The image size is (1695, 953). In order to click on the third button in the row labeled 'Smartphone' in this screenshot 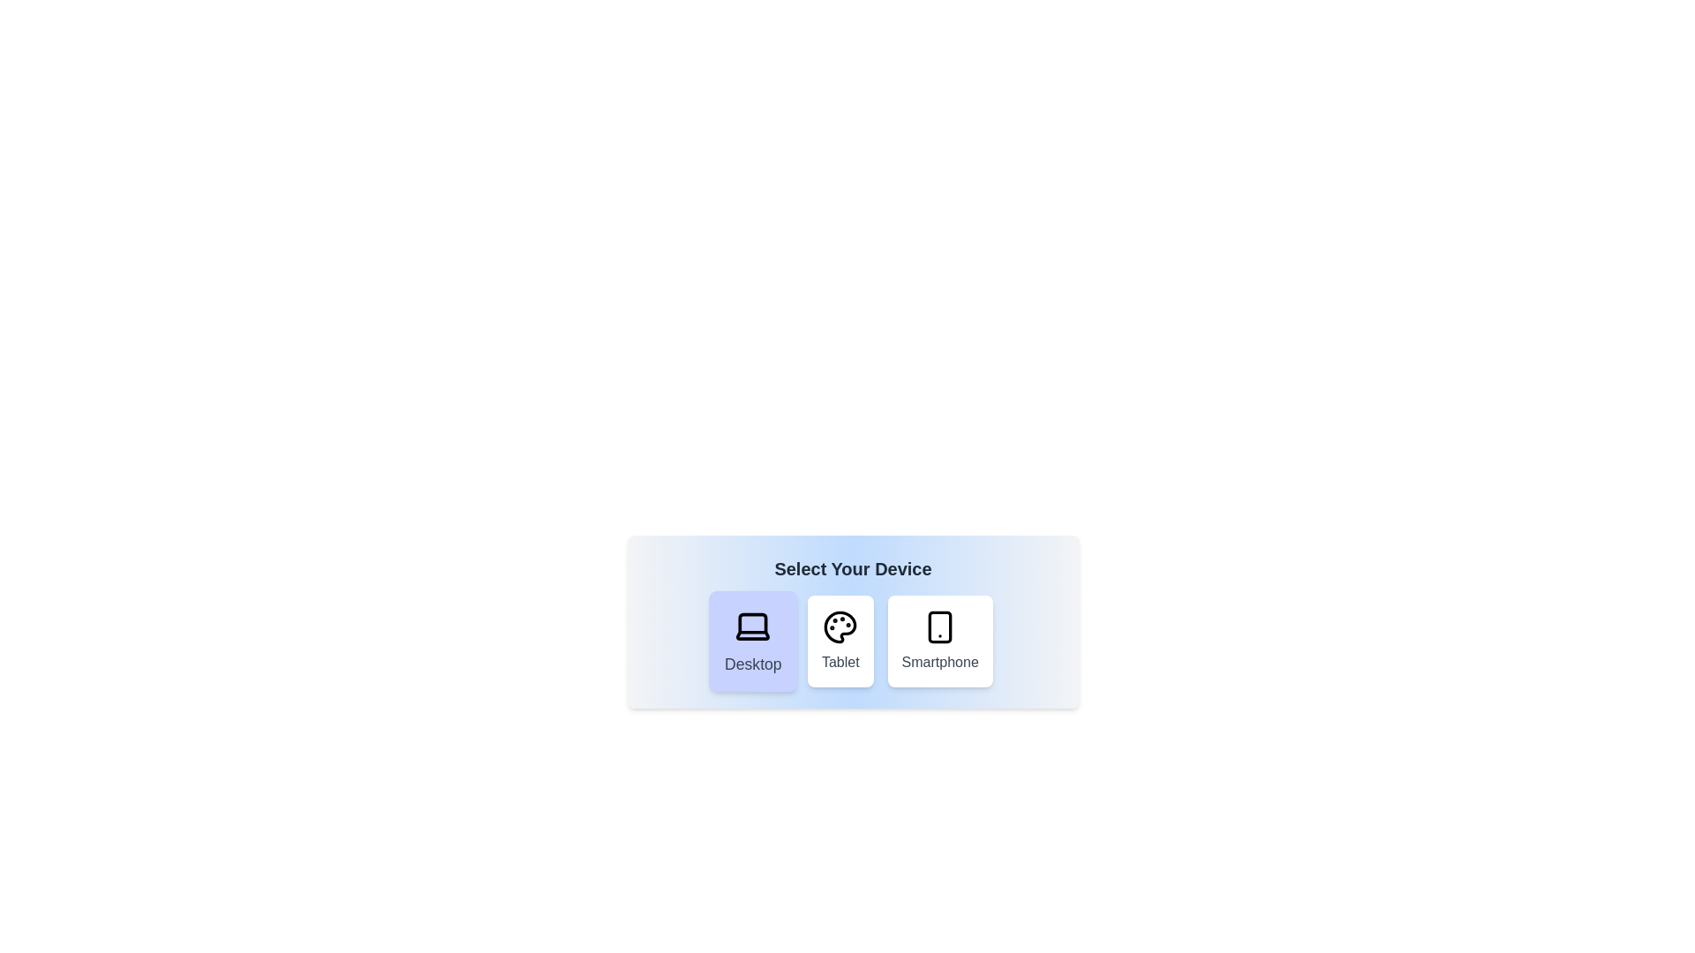, I will do `click(939, 641)`.